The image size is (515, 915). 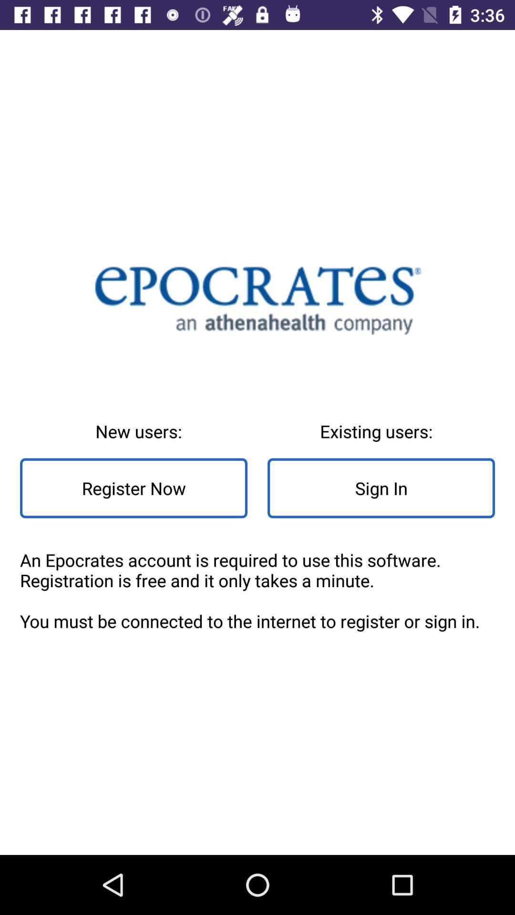 I want to click on the item below existing users: item, so click(x=381, y=488).